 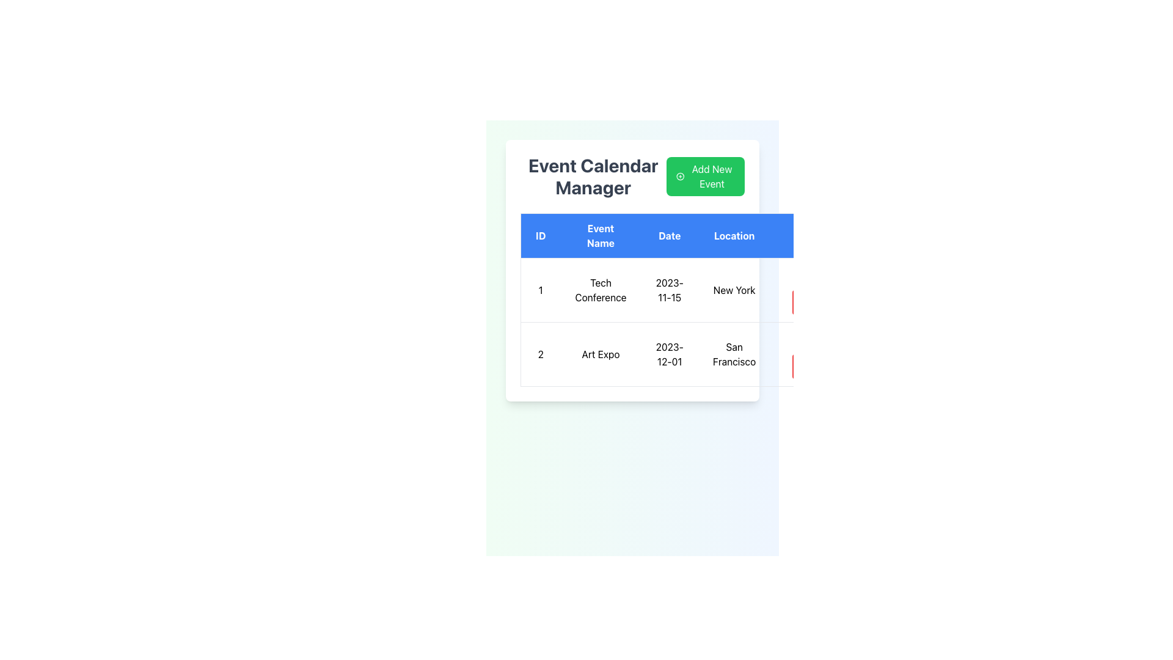 I want to click on the static text label 'Tech Conference' in the second column of the first row of the table in the 'Event Calendar Manager' interface, so click(x=601, y=290).